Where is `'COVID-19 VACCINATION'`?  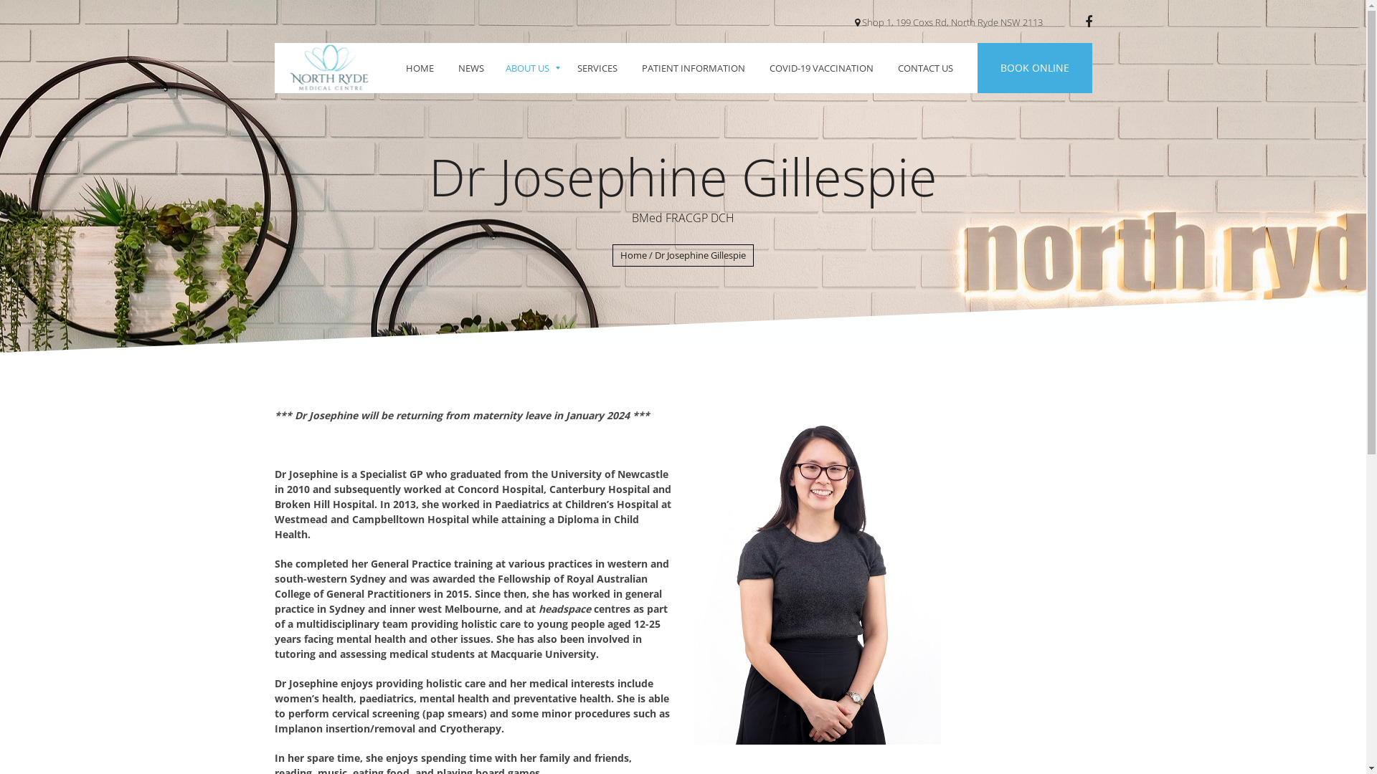
'COVID-19 VACCINATION' is located at coordinates (821, 68).